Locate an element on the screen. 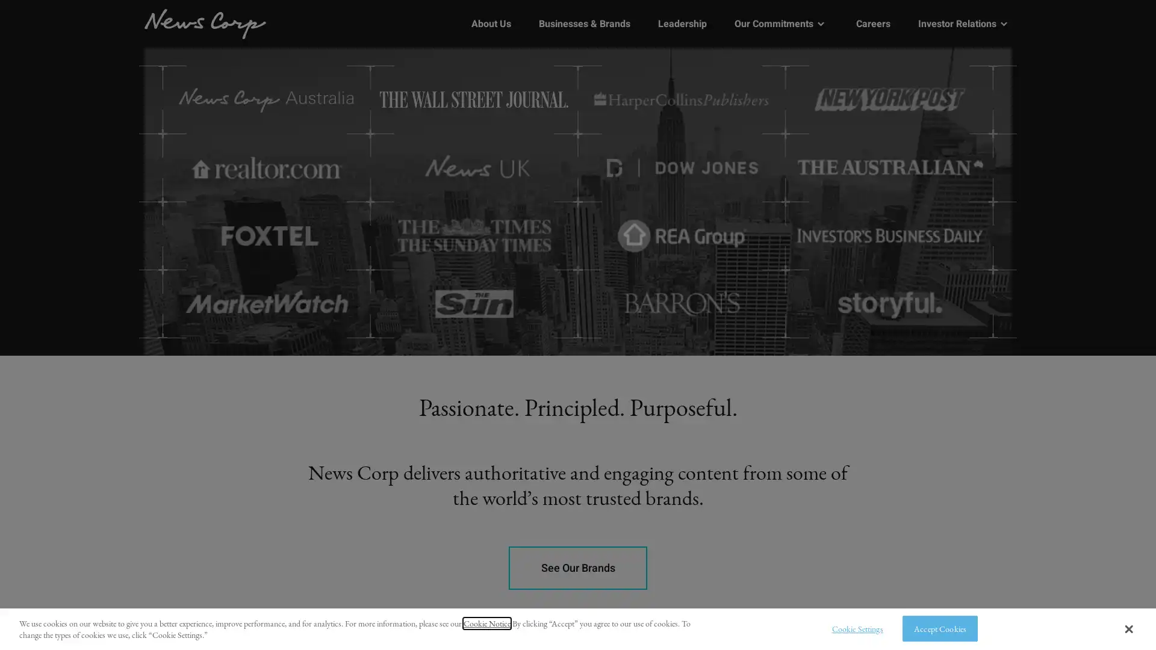 This screenshot has height=650, width=1156. Accept Cookies is located at coordinates (939, 628).